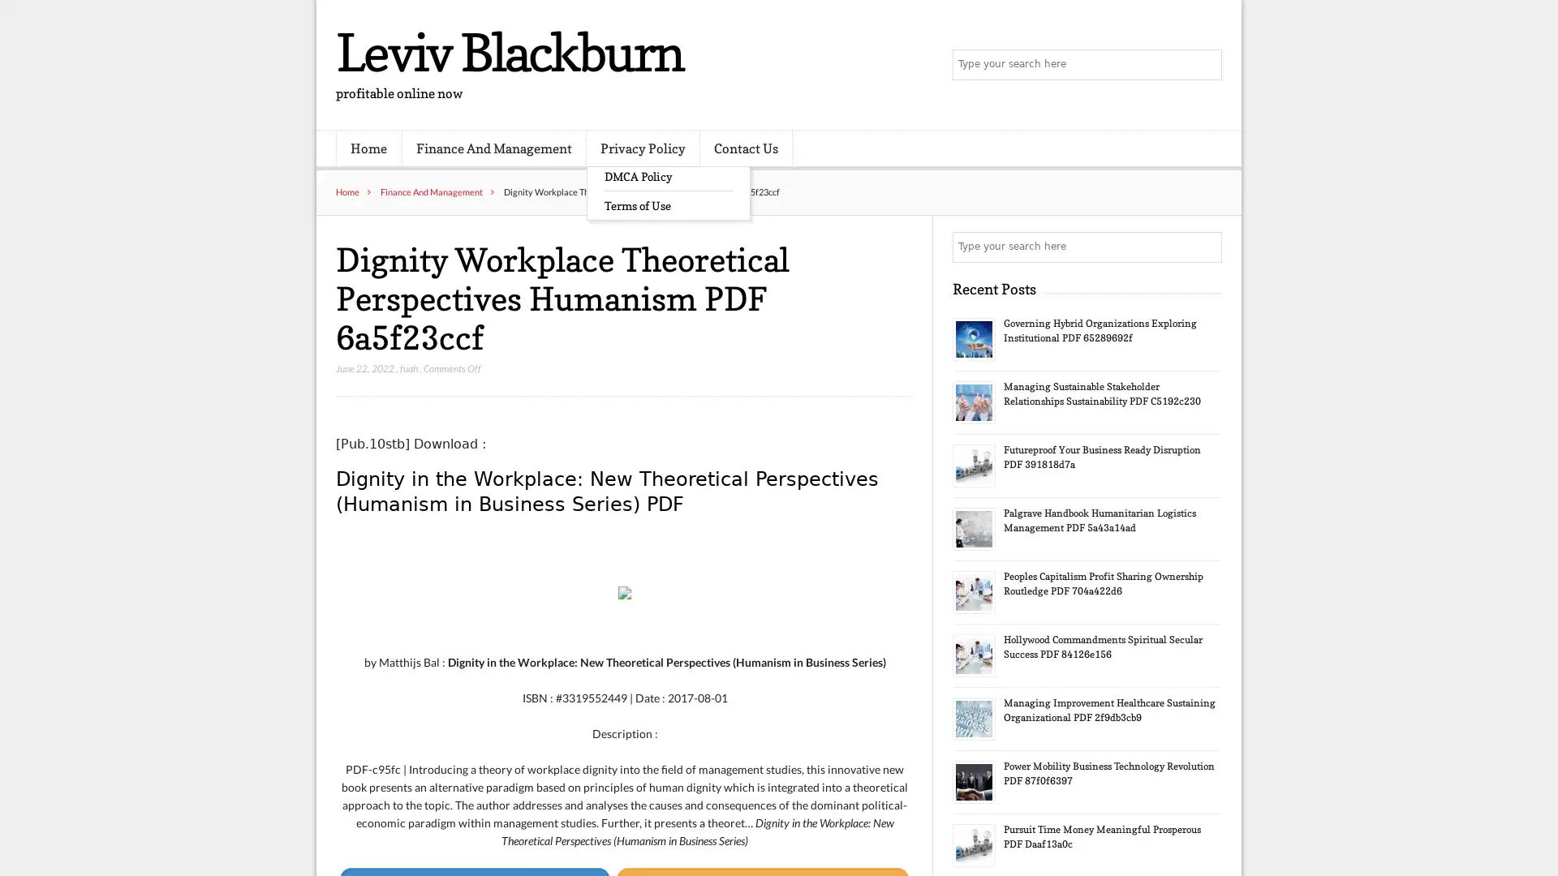  I want to click on Search, so click(1205, 65).